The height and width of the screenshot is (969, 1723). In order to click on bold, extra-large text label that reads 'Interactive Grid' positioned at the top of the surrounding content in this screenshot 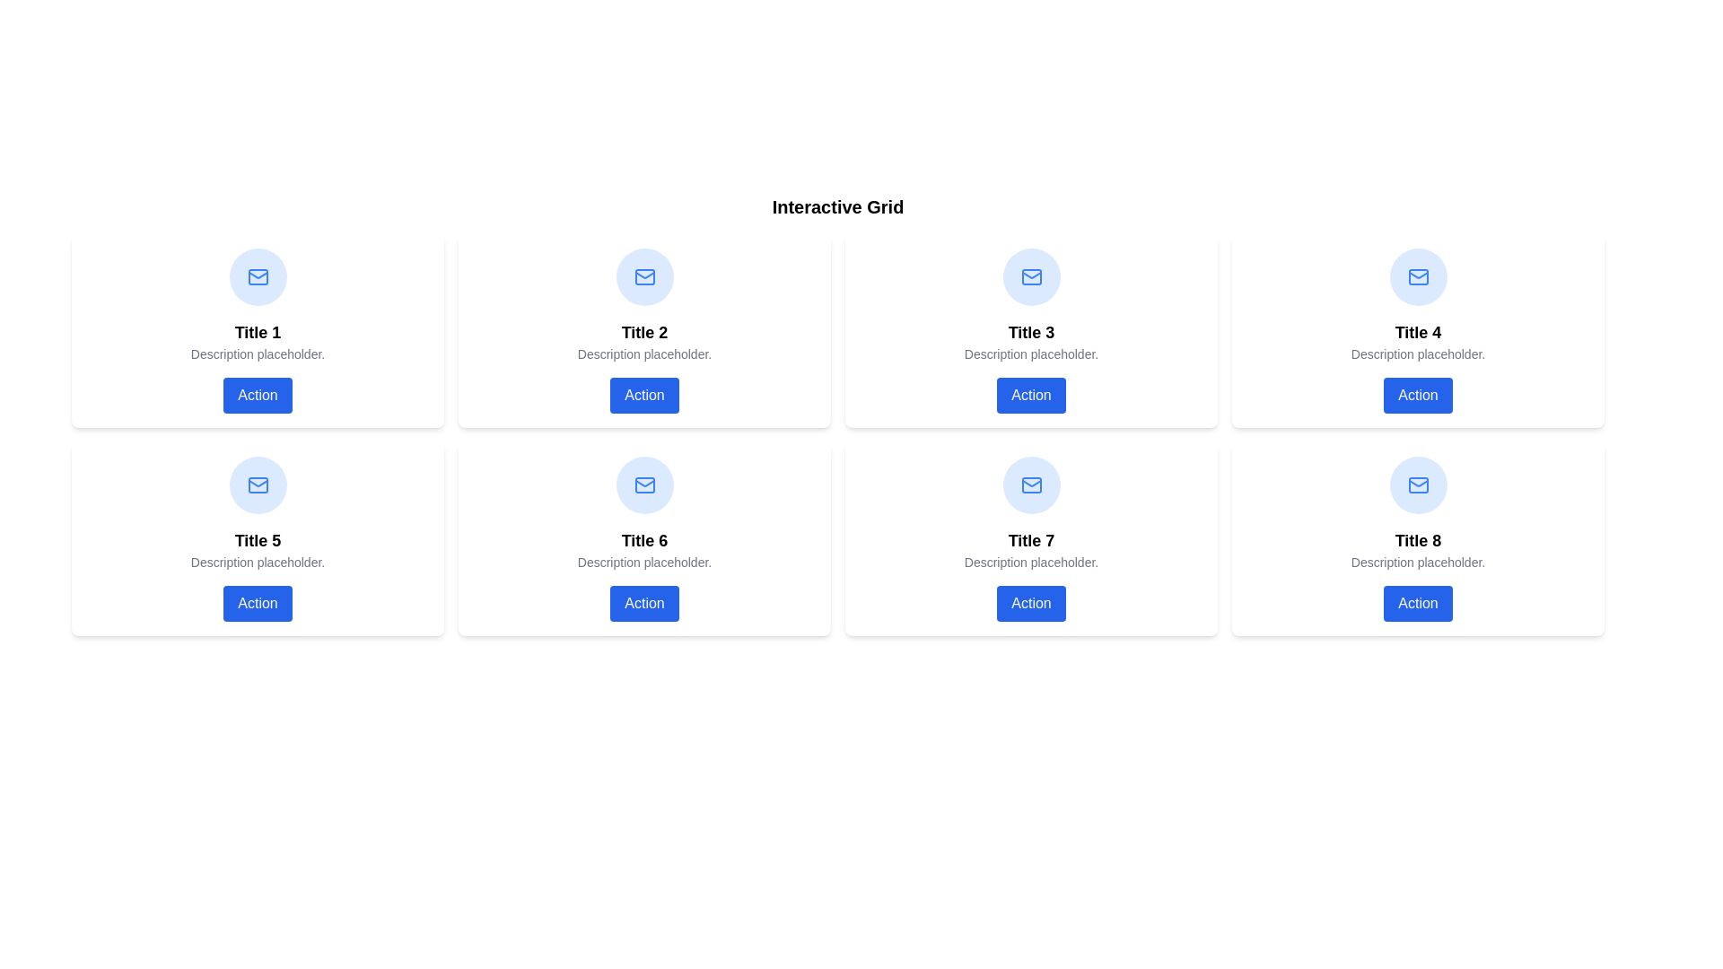, I will do `click(837, 206)`.